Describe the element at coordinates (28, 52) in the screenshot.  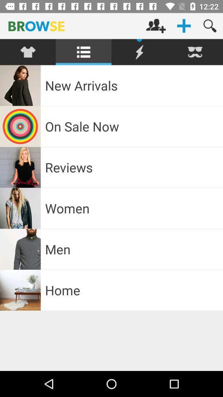
I see `click dress categories` at that location.